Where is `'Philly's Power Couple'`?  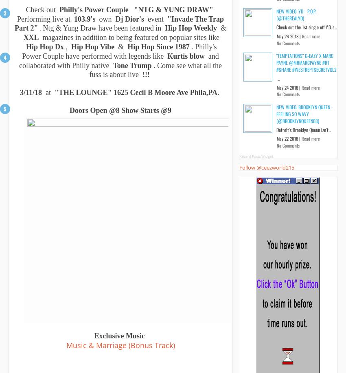
'Philly's Power Couple' is located at coordinates (94, 9).